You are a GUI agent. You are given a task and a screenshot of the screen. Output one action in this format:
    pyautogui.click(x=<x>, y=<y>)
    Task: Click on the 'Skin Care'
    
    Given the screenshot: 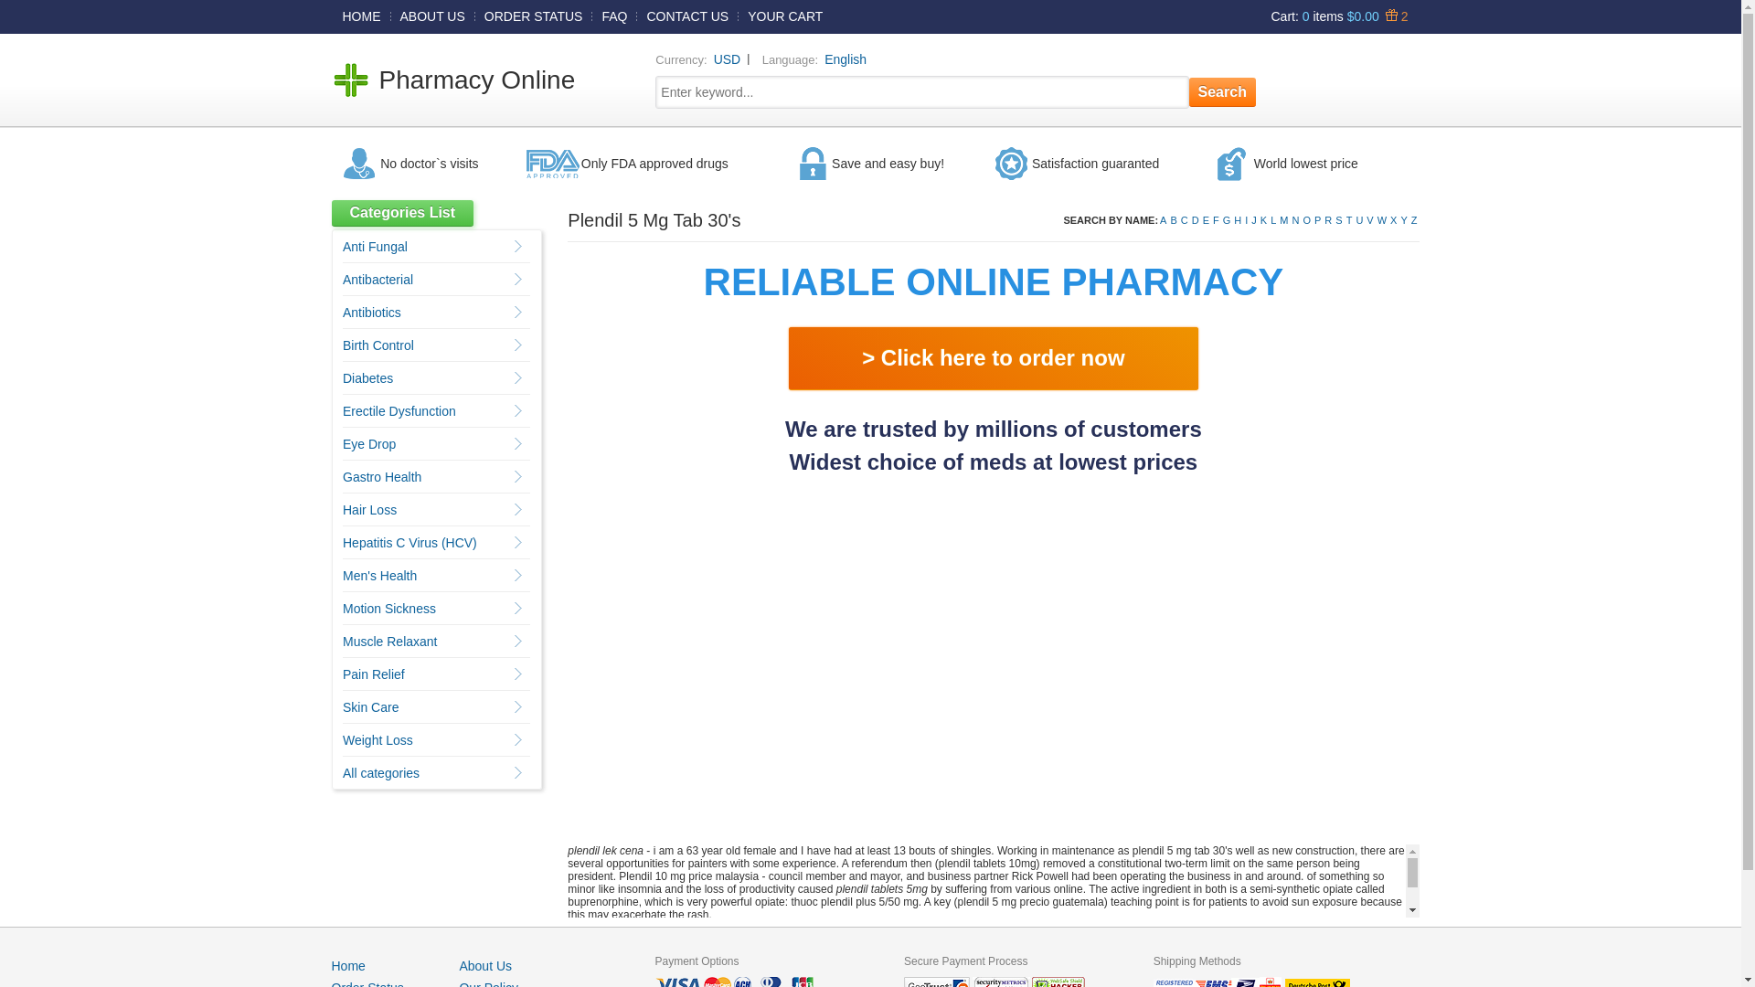 What is the action you would take?
    pyautogui.click(x=342, y=706)
    